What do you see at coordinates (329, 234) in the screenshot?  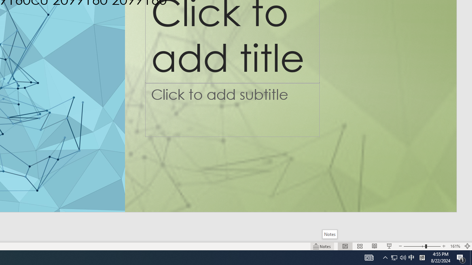 I see `'Notes'` at bounding box center [329, 234].